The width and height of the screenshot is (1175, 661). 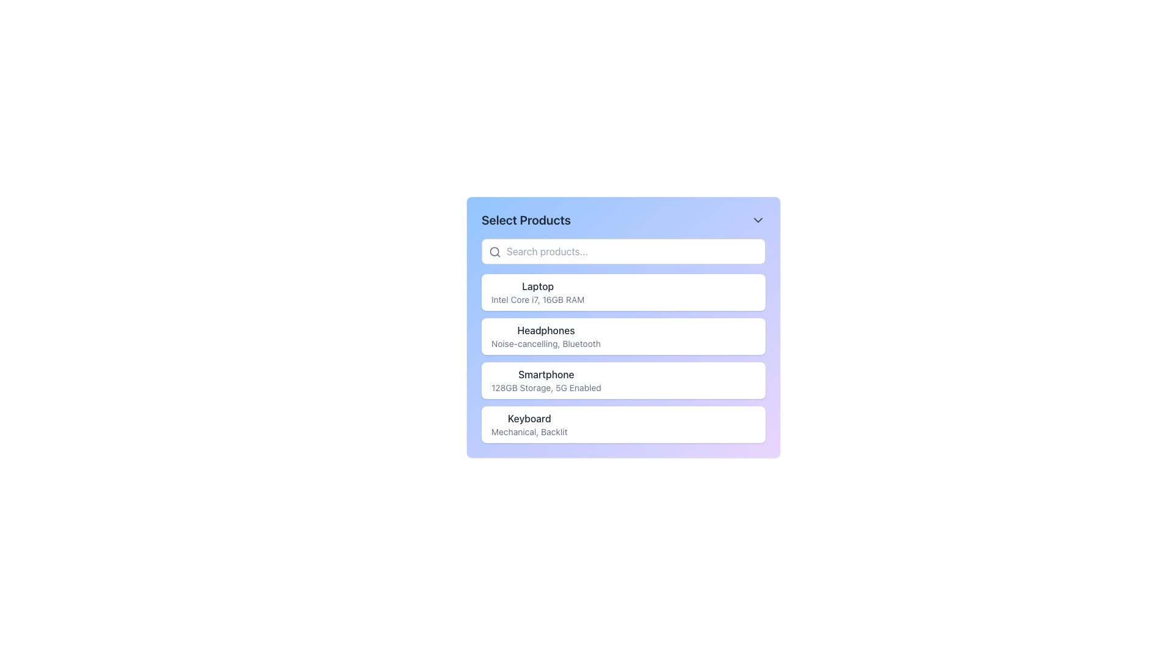 I want to click on the second item in the product selection list titled 'Select Products', so click(x=623, y=340).